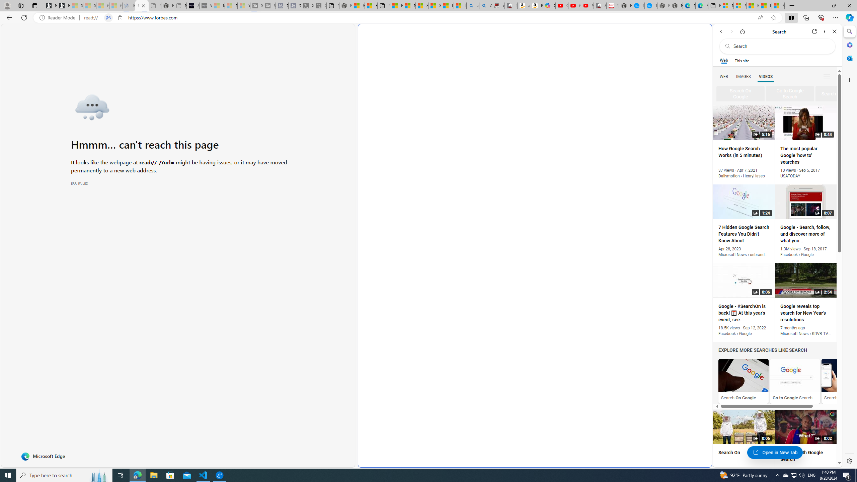 Image resolution: width=857 pixels, height=482 pixels. I want to click on 'Web scope', so click(724, 60).